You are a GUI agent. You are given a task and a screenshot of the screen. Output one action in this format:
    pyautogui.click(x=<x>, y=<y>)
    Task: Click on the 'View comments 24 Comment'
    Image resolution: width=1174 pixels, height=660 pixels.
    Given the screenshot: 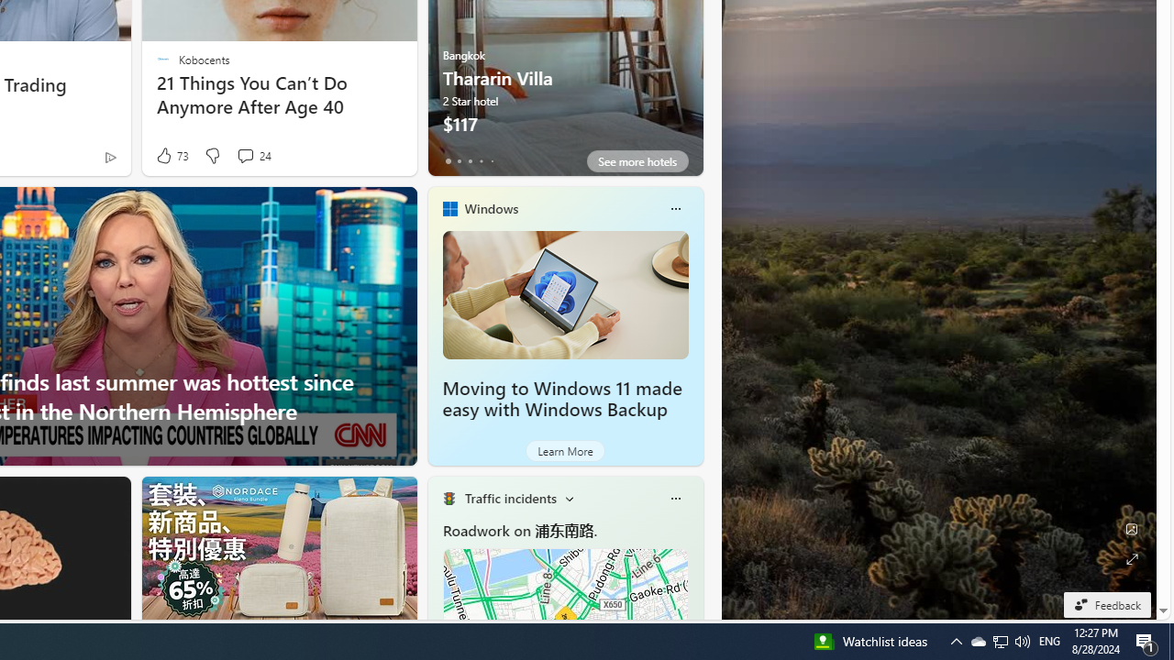 What is the action you would take?
    pyautogui.click(x=253, y=155)
    